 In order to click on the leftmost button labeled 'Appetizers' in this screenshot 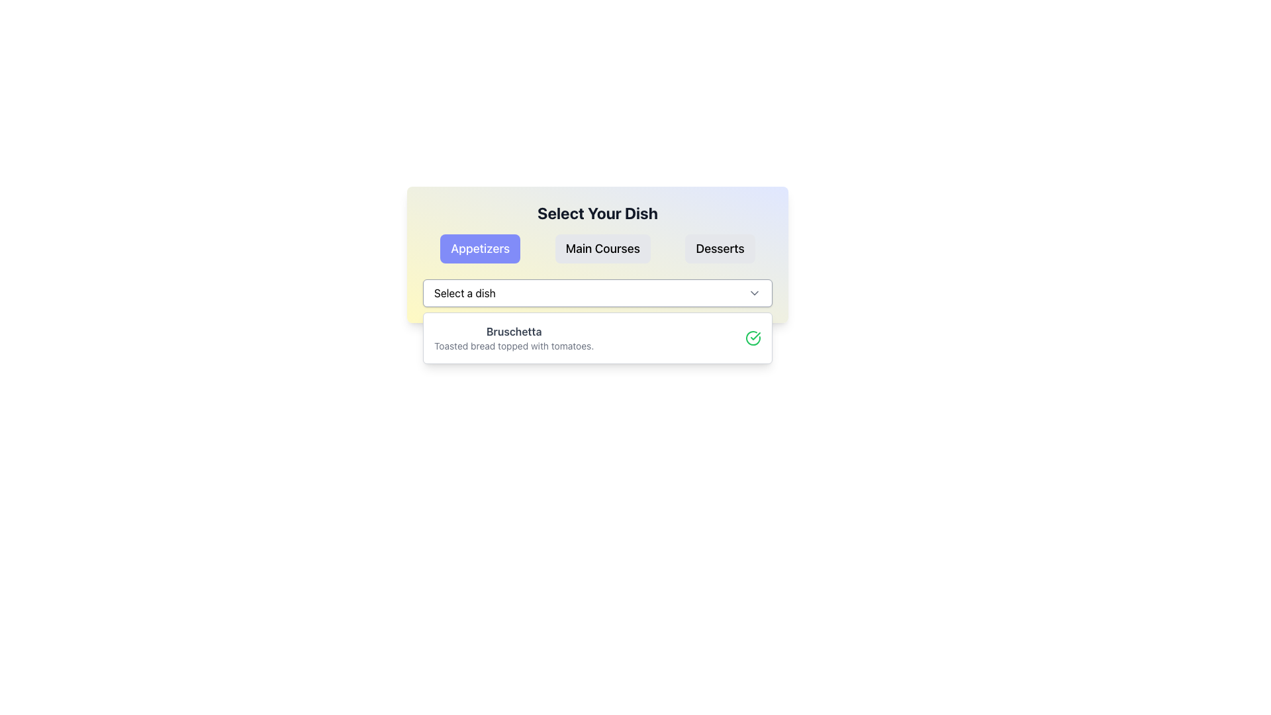, I will do `click(479, 248)`.